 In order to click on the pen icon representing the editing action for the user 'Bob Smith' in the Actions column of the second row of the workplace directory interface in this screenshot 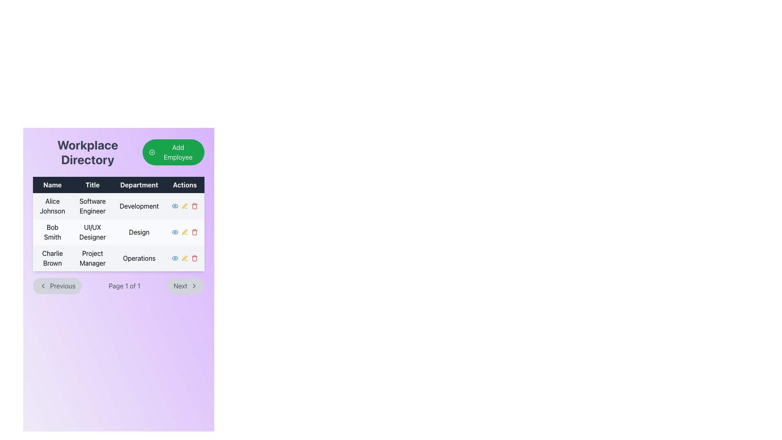, I will do `click(184, 232)`.